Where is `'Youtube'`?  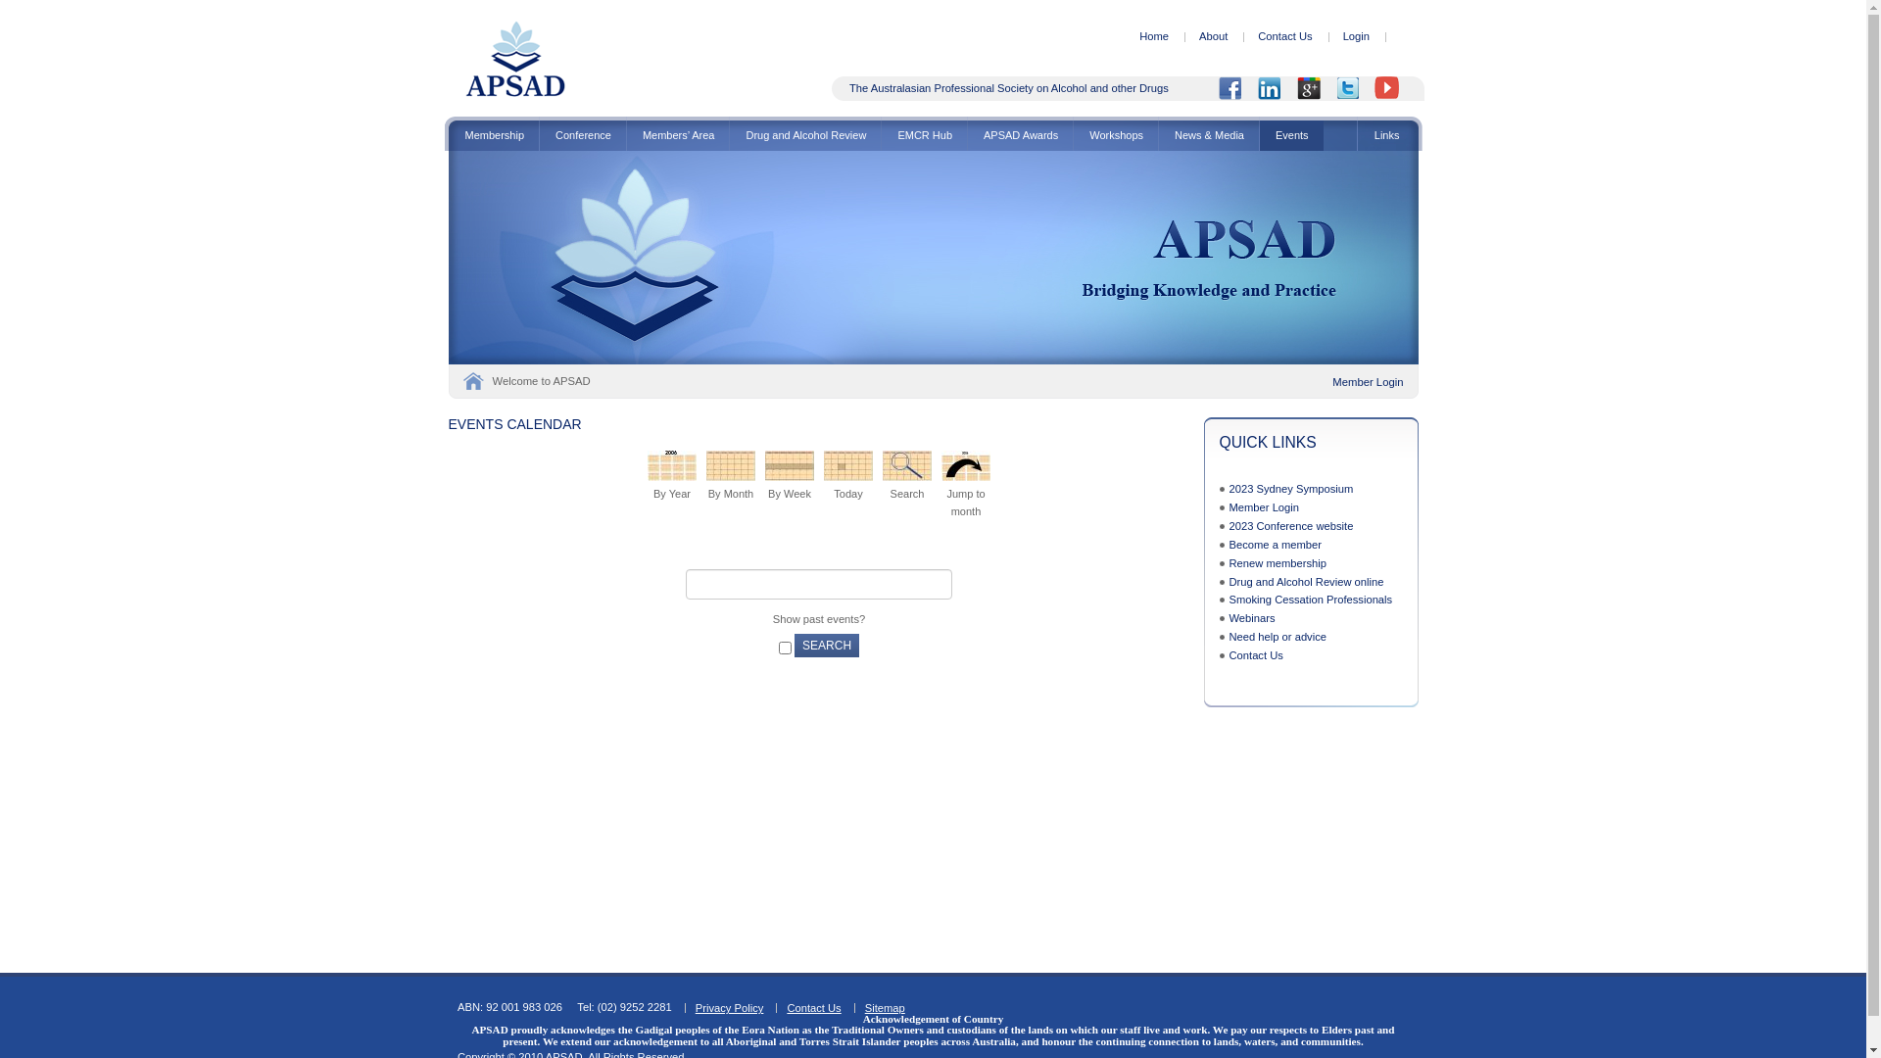
'Youtube' is located at coordinates (1392, 88).